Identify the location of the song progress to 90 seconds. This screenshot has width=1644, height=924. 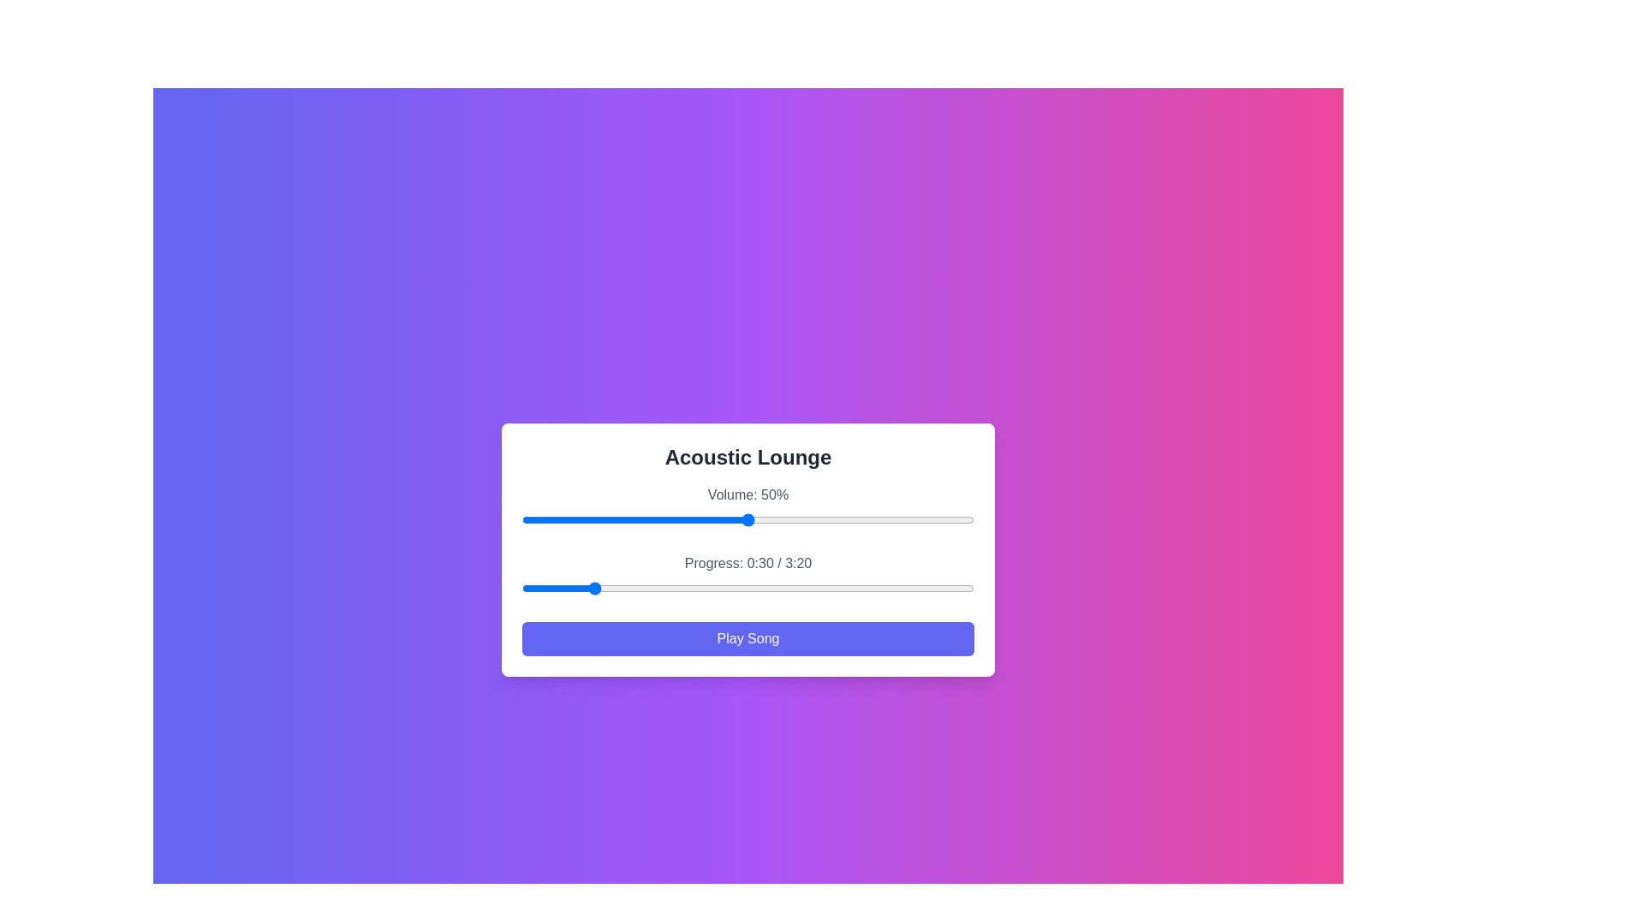
(725, 587).